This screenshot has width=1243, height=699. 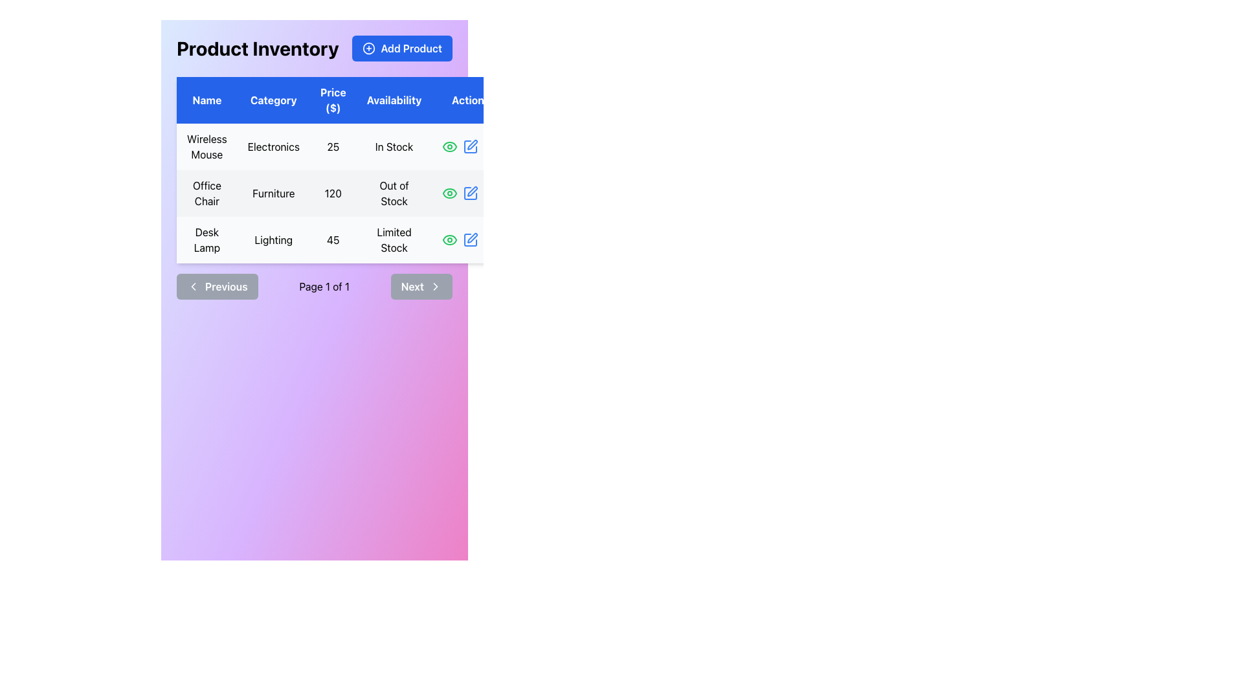 I want to click on the 'Furniture' text label in the second row of the 'Category' column of the product inventory table, which is located between 'Office Chair' and '120', so click(x=273, y=194).